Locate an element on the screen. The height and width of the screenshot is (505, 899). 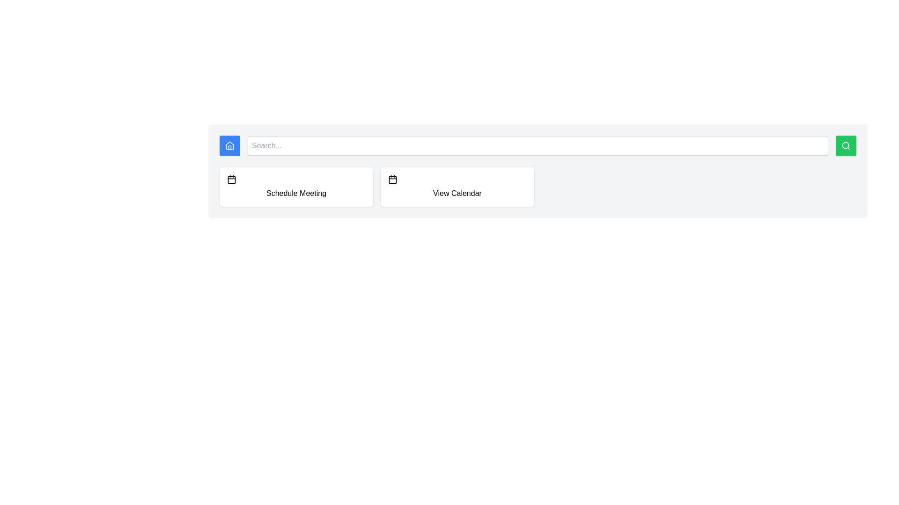
the navigation button located at the top-left corner of the interface is located at coordinates (229, 146).